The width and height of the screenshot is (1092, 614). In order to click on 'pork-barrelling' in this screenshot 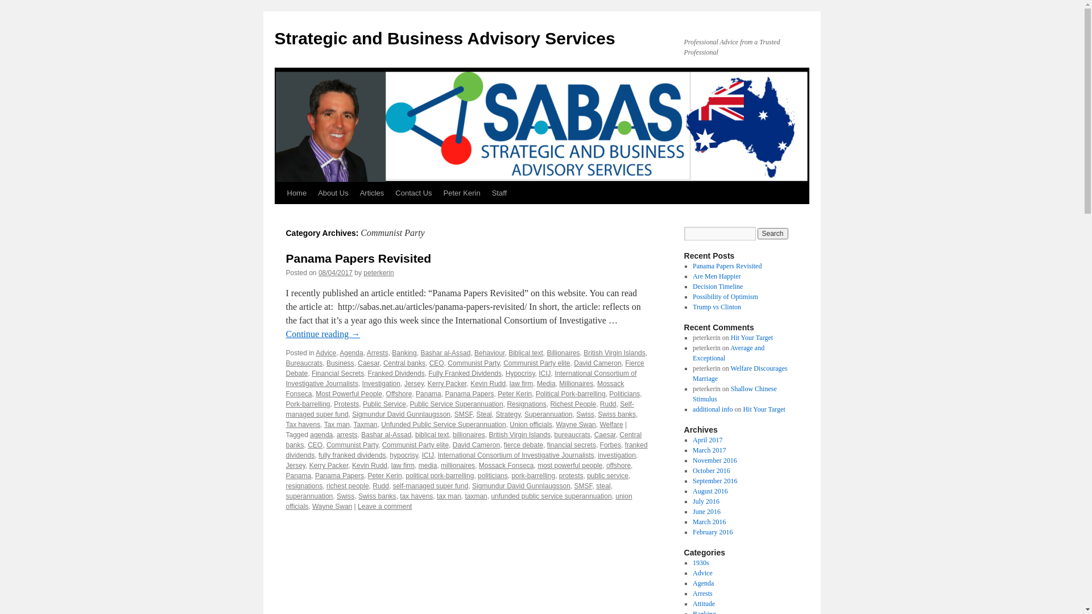, I will do `click(532, 476)`.